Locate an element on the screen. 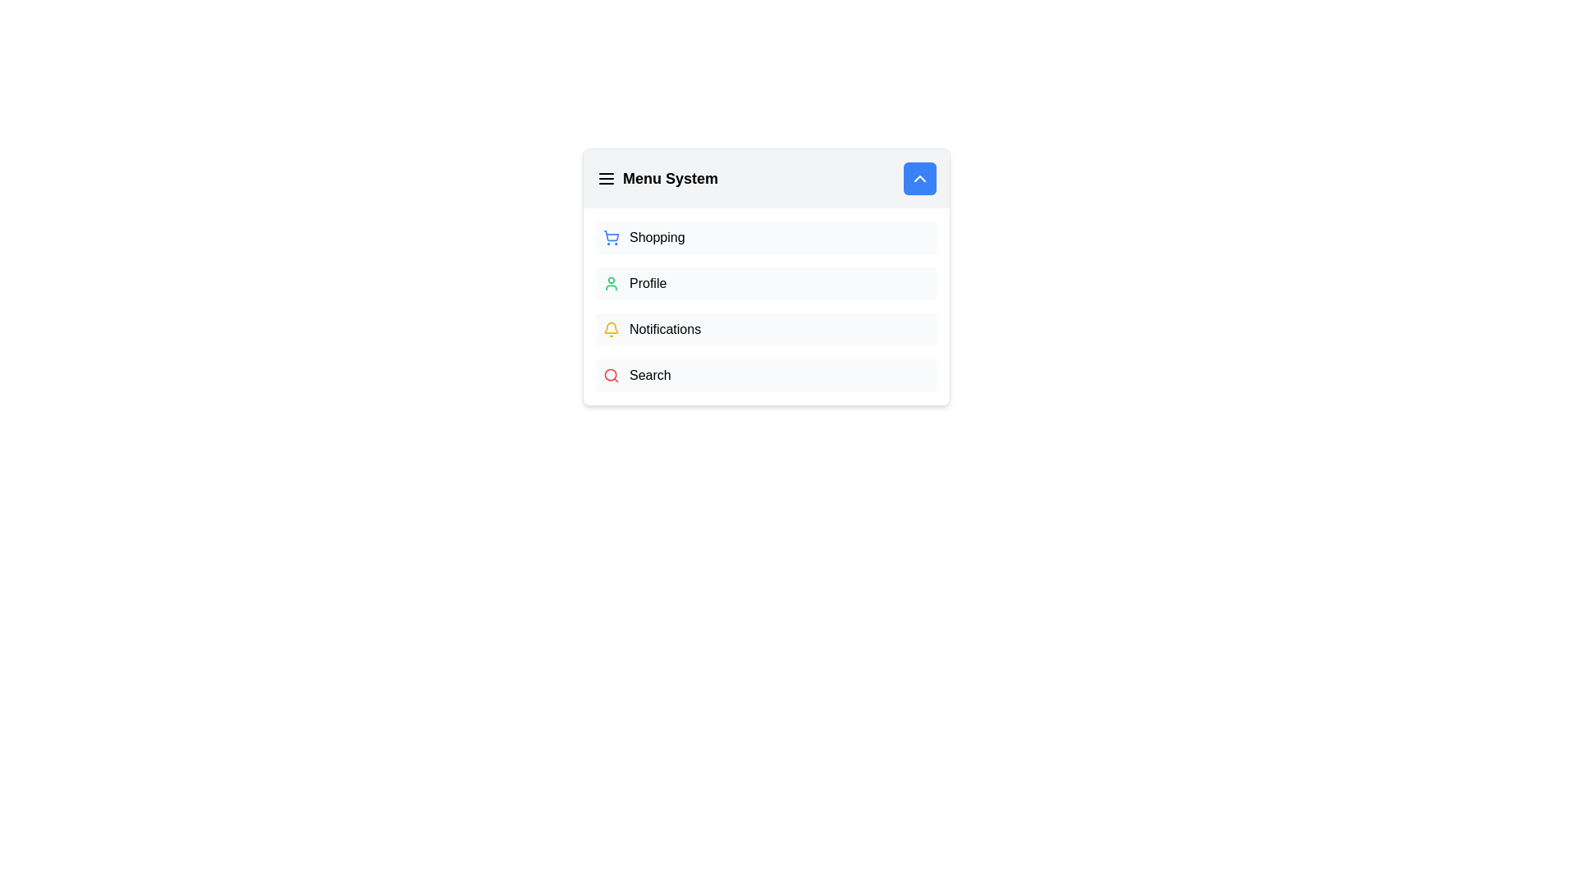  the 'Search' text label, which is styled in bold and located to the right of a red magnifying glass icon in a horizontal menu row is located at coordinates (649, 376).